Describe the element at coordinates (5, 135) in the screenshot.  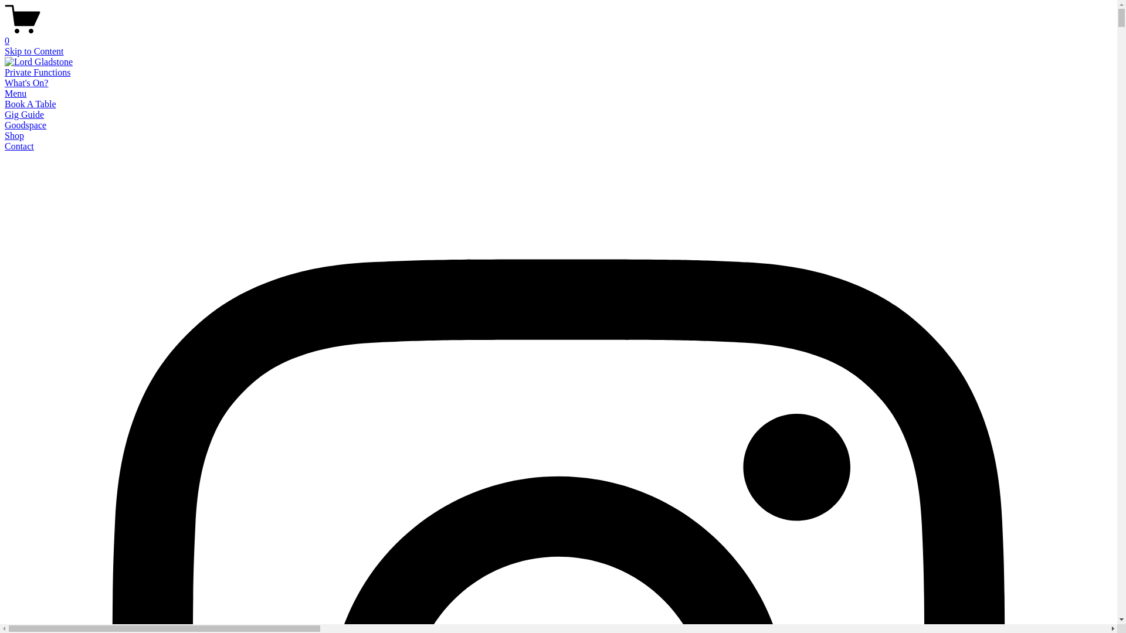
I see `'Shop'` at that location.